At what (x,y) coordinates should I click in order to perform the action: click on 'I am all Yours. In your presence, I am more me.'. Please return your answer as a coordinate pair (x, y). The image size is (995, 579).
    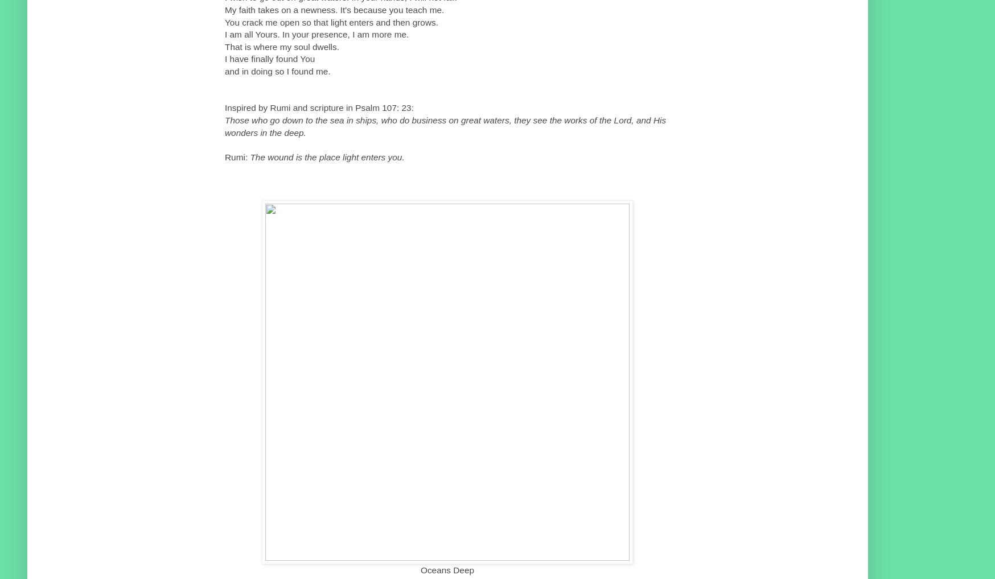
    Looking at the image, I should click on (316, 34).